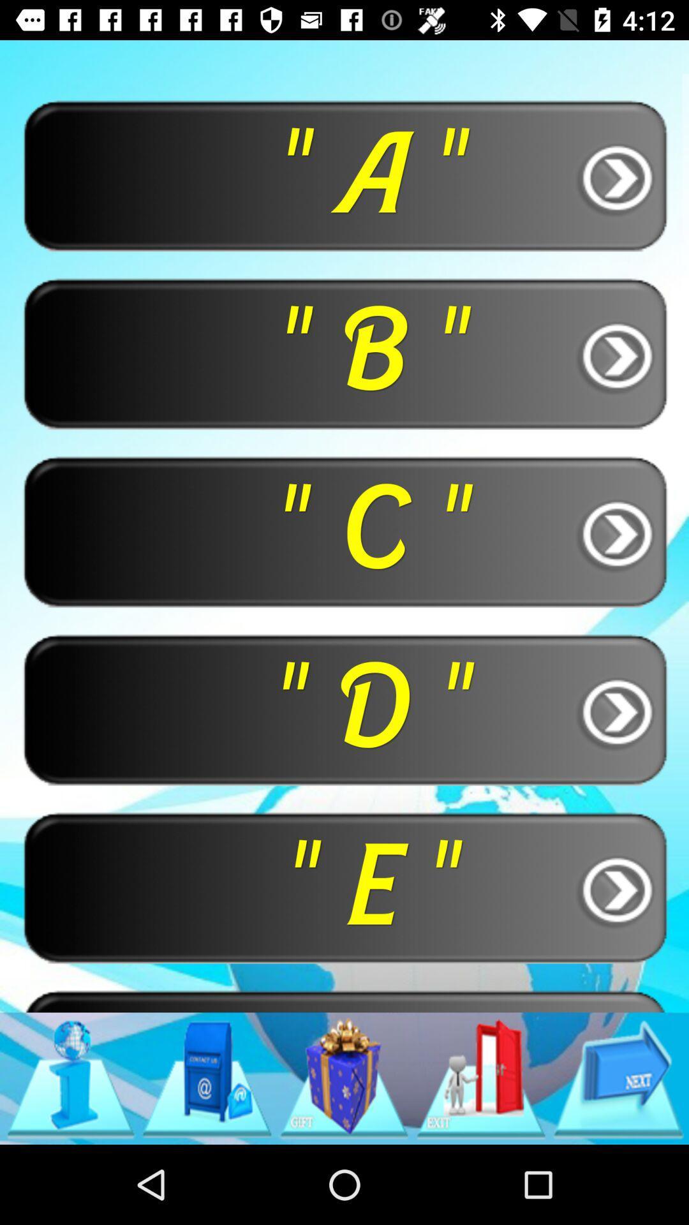 The height and width of the screenshot is (1225, 689). Describe the element at coordinates (206, 1078) in the screenshot. I see `mailbox option` at that location.